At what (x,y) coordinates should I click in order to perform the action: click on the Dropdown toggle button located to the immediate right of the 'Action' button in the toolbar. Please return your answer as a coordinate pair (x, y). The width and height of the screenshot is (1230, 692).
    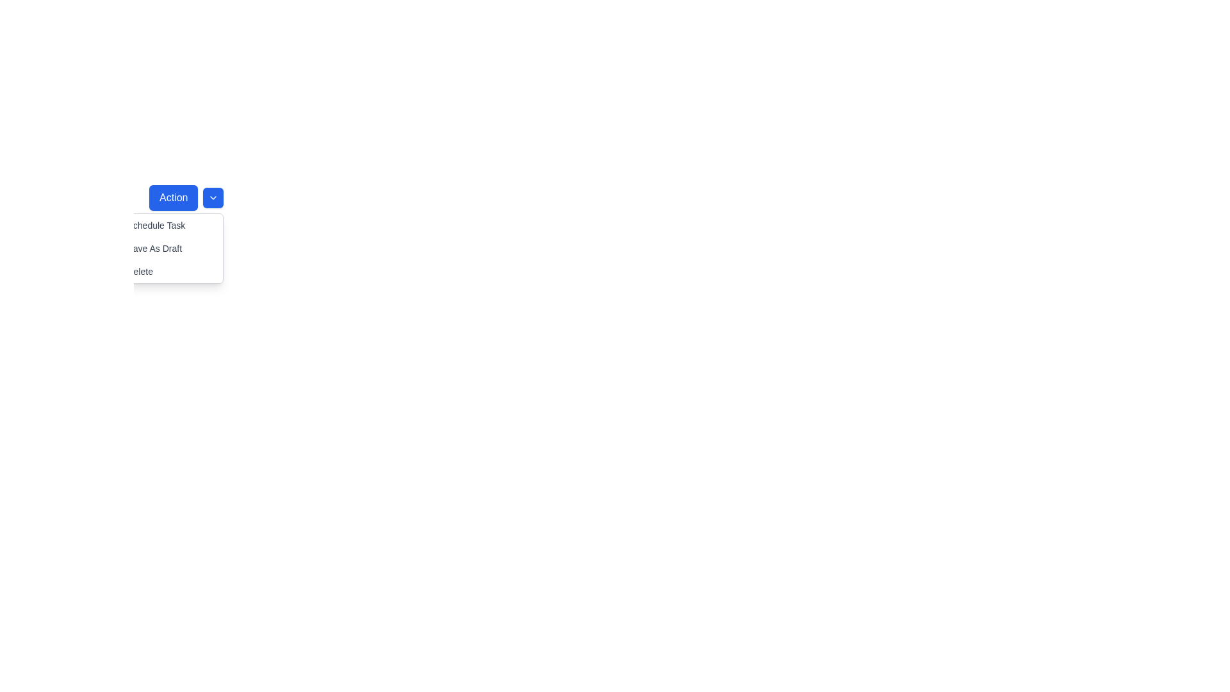
    Looking at the image, I should click on (213, 197).